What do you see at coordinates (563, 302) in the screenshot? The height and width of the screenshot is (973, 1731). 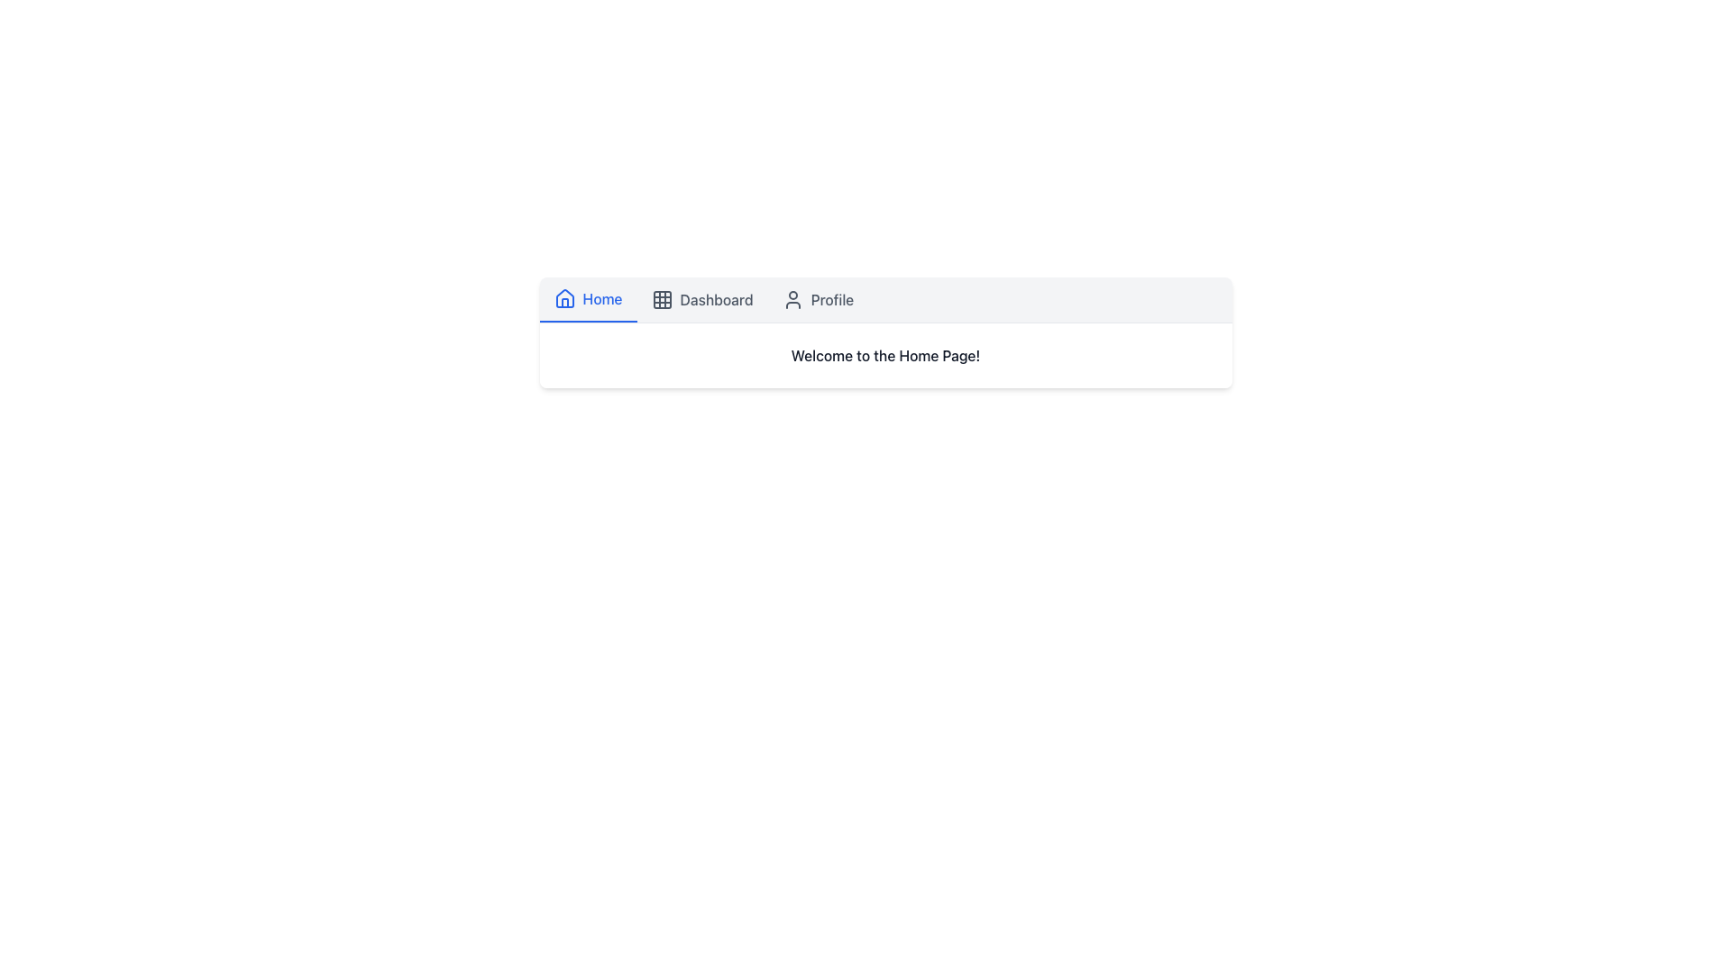 I see `the house icon located in the navigation bar` at bounding box center [563, 302].